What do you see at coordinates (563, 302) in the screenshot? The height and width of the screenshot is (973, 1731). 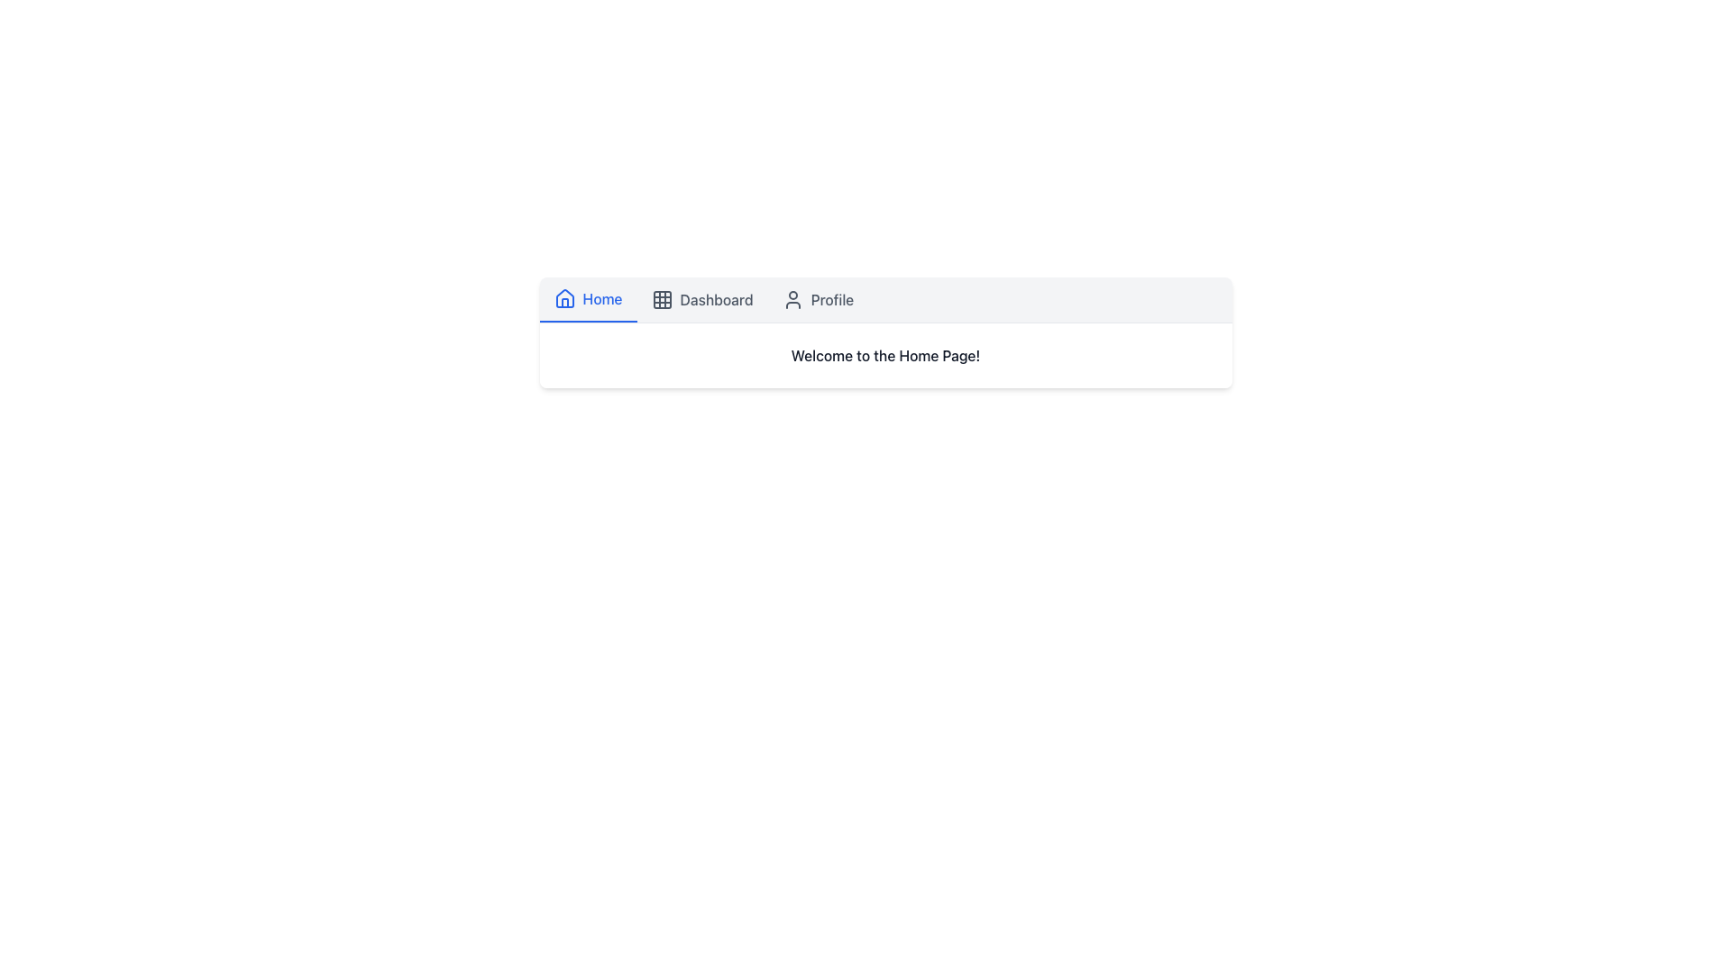 I see `the house icon located in the navigation bar` at bounding box center [563, 302].